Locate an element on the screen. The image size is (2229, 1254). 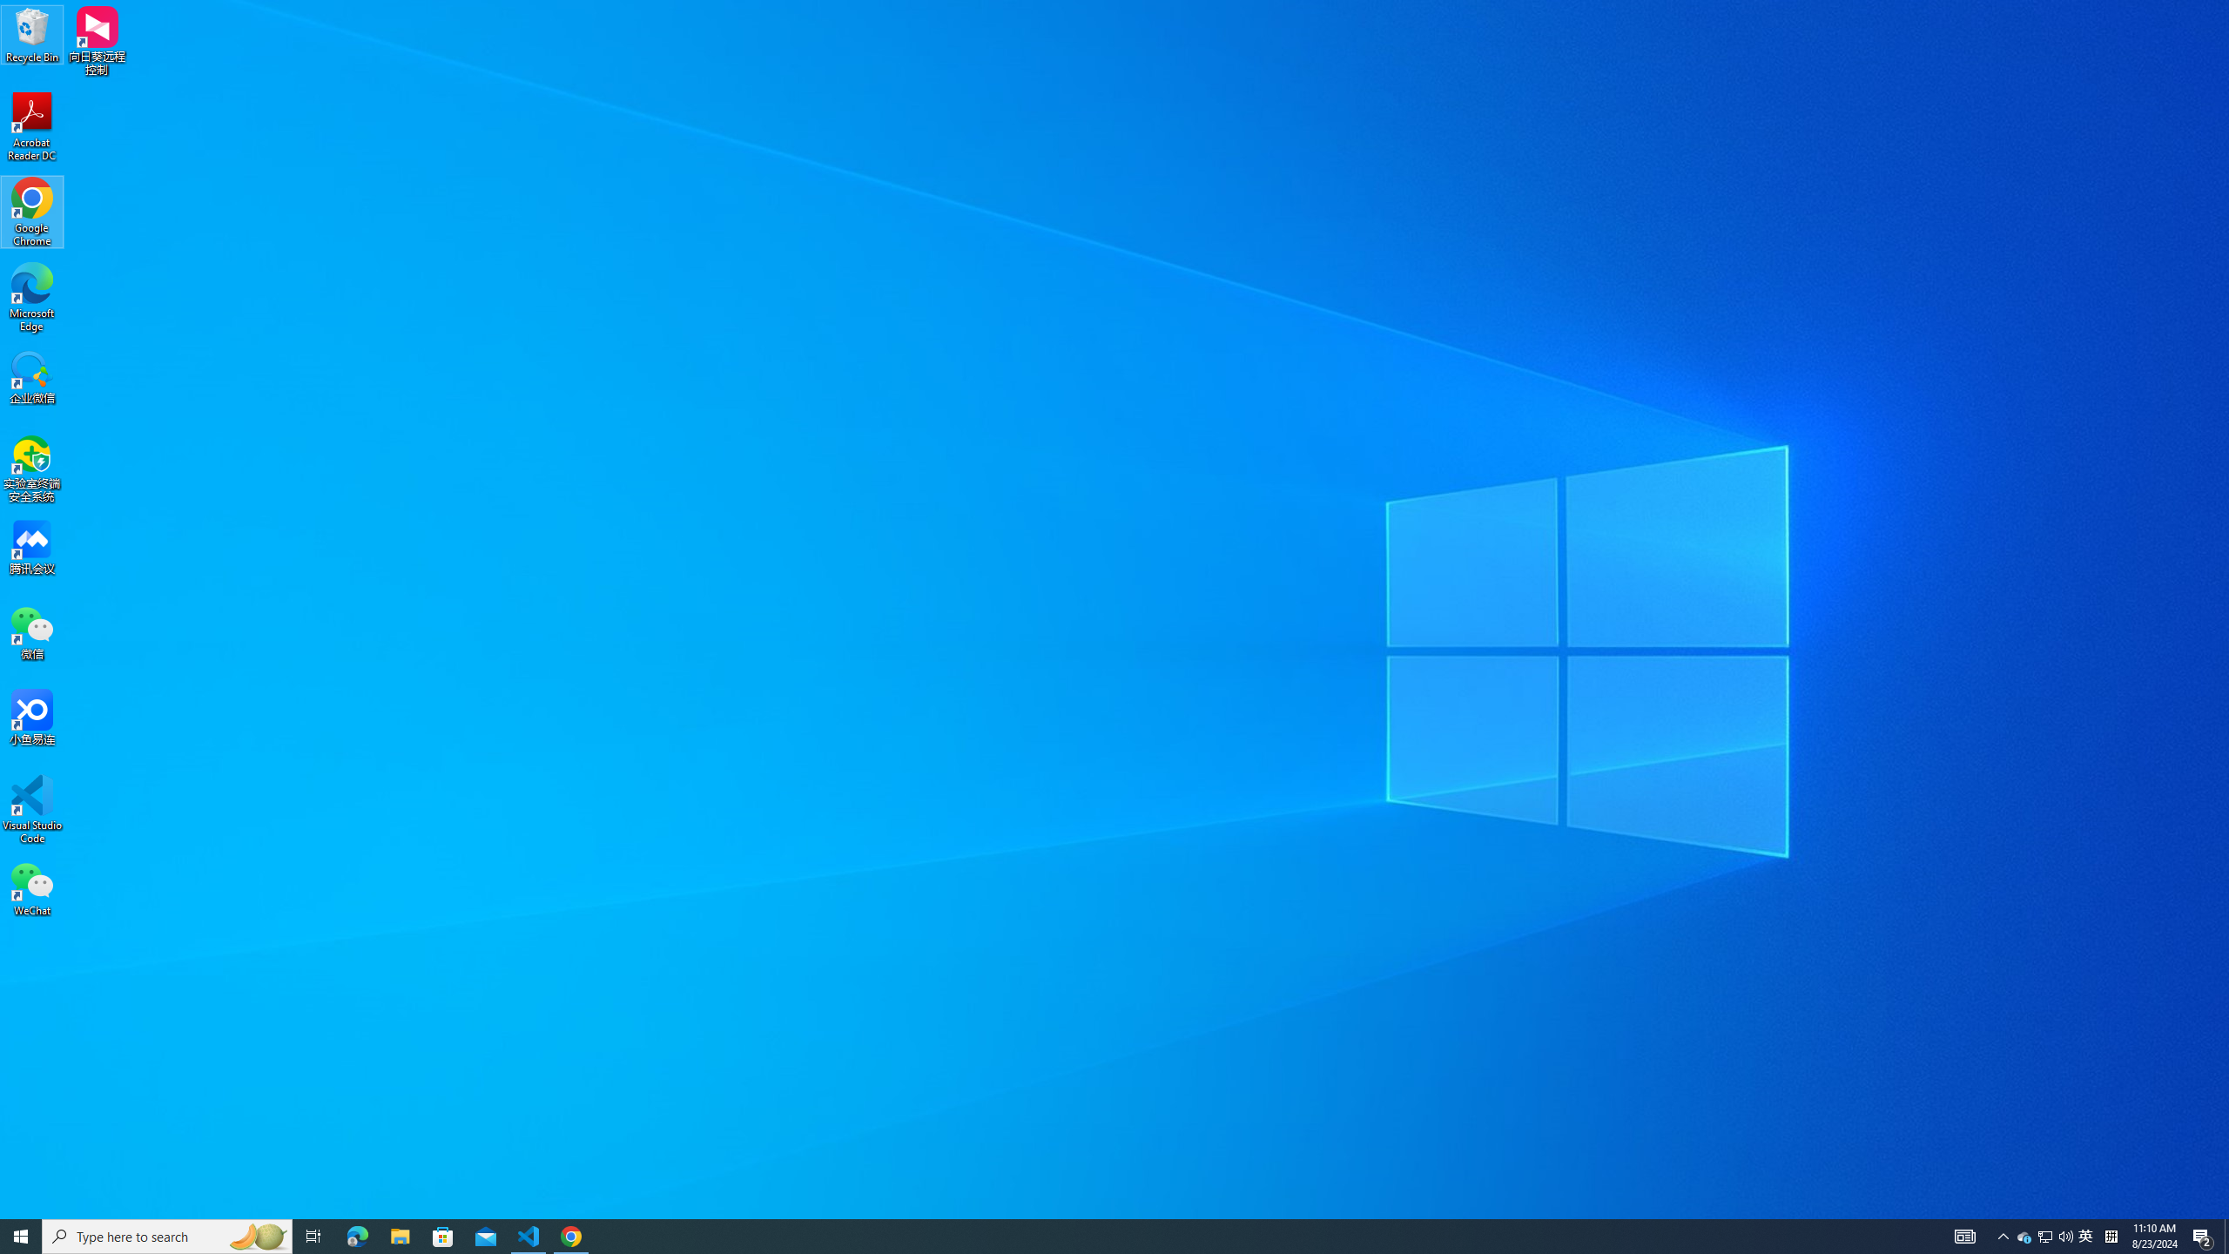
'Microsoft Edge' is located at coordinates (31, 297).